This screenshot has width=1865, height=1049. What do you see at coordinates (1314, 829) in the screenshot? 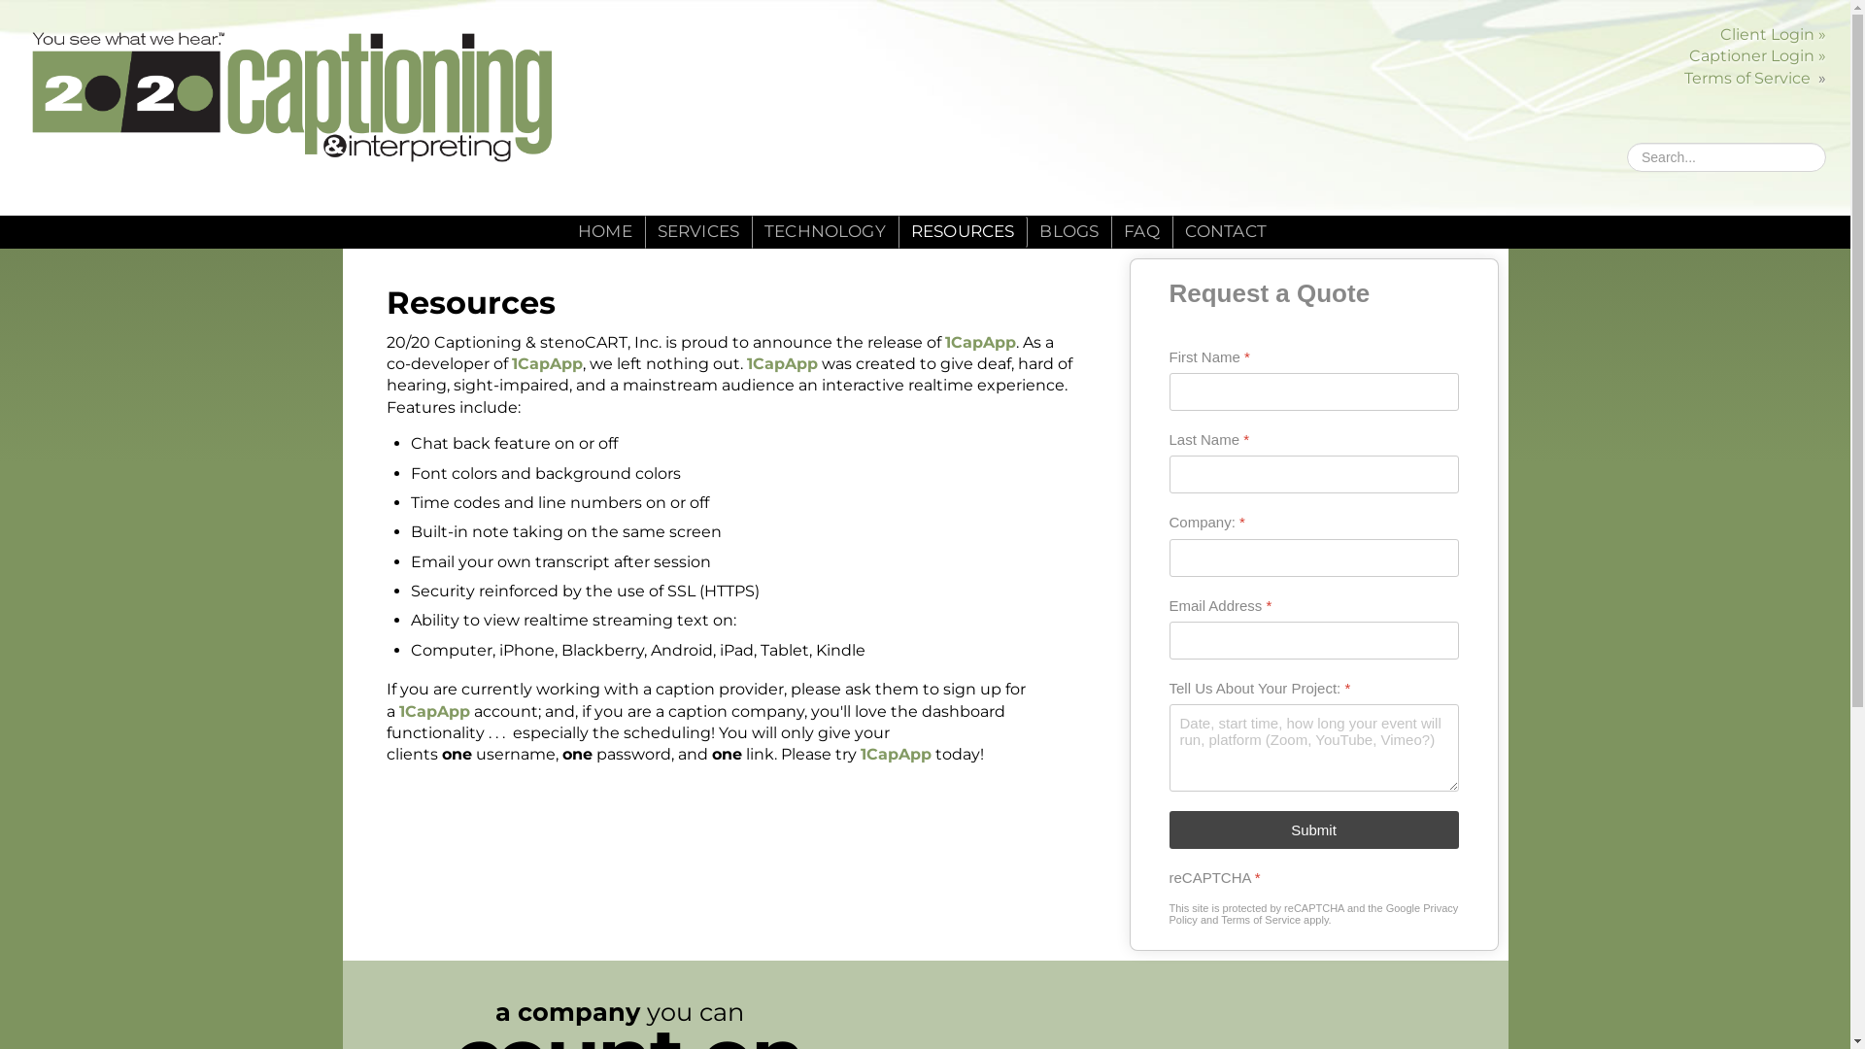
I see `'Submit'` at bounding box center [1314, 829].